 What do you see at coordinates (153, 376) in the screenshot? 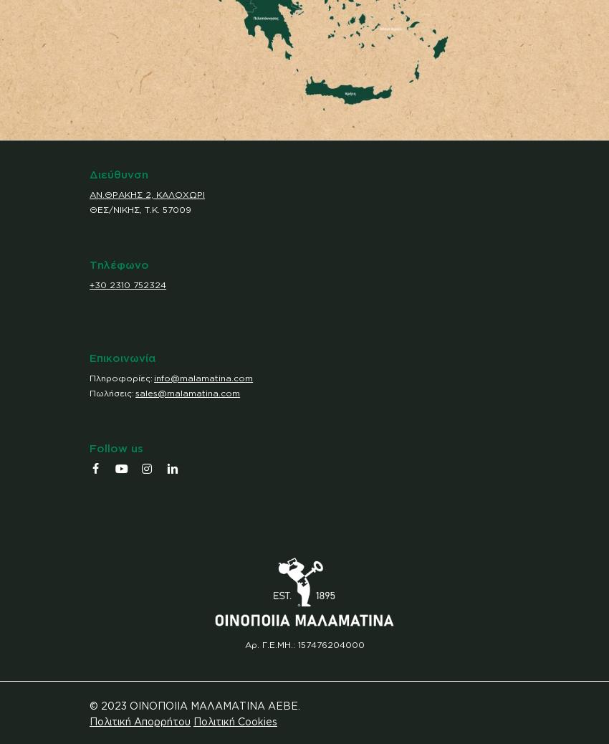
I see `'info@malamatina.com'` at bounding box center [153, 376].